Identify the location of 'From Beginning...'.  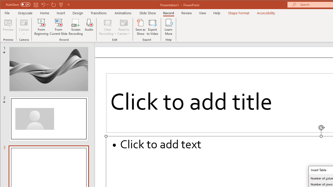
(42, 27).